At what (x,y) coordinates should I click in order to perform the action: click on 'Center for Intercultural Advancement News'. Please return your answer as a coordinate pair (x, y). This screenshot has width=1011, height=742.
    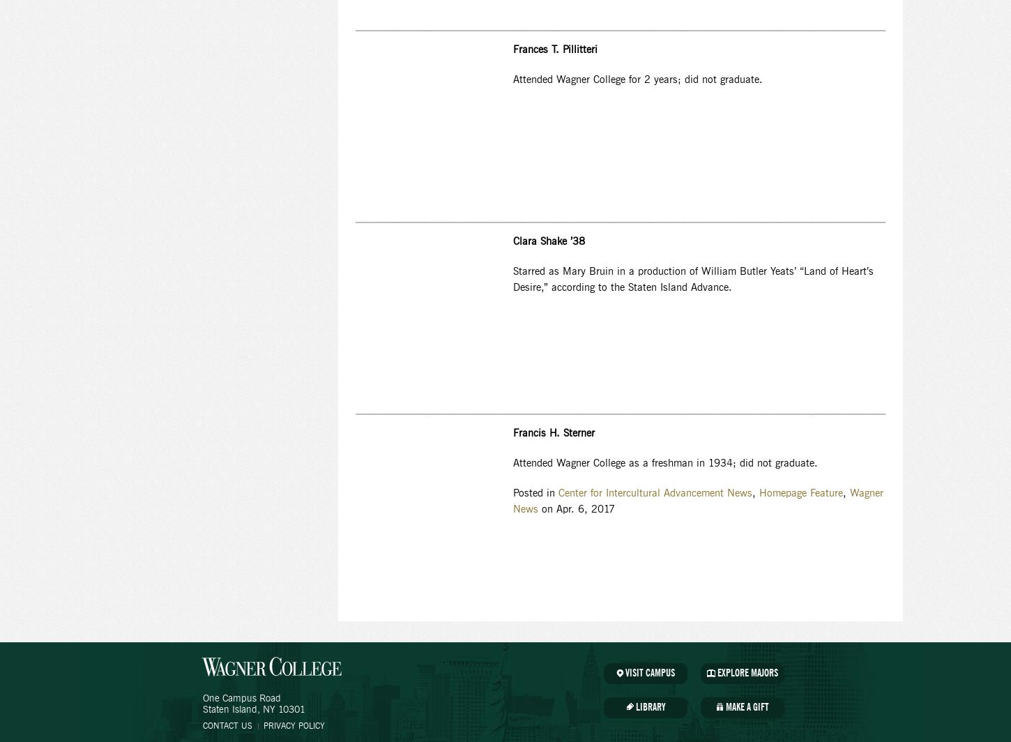
    Looking at the image, I should click on (558, 494).